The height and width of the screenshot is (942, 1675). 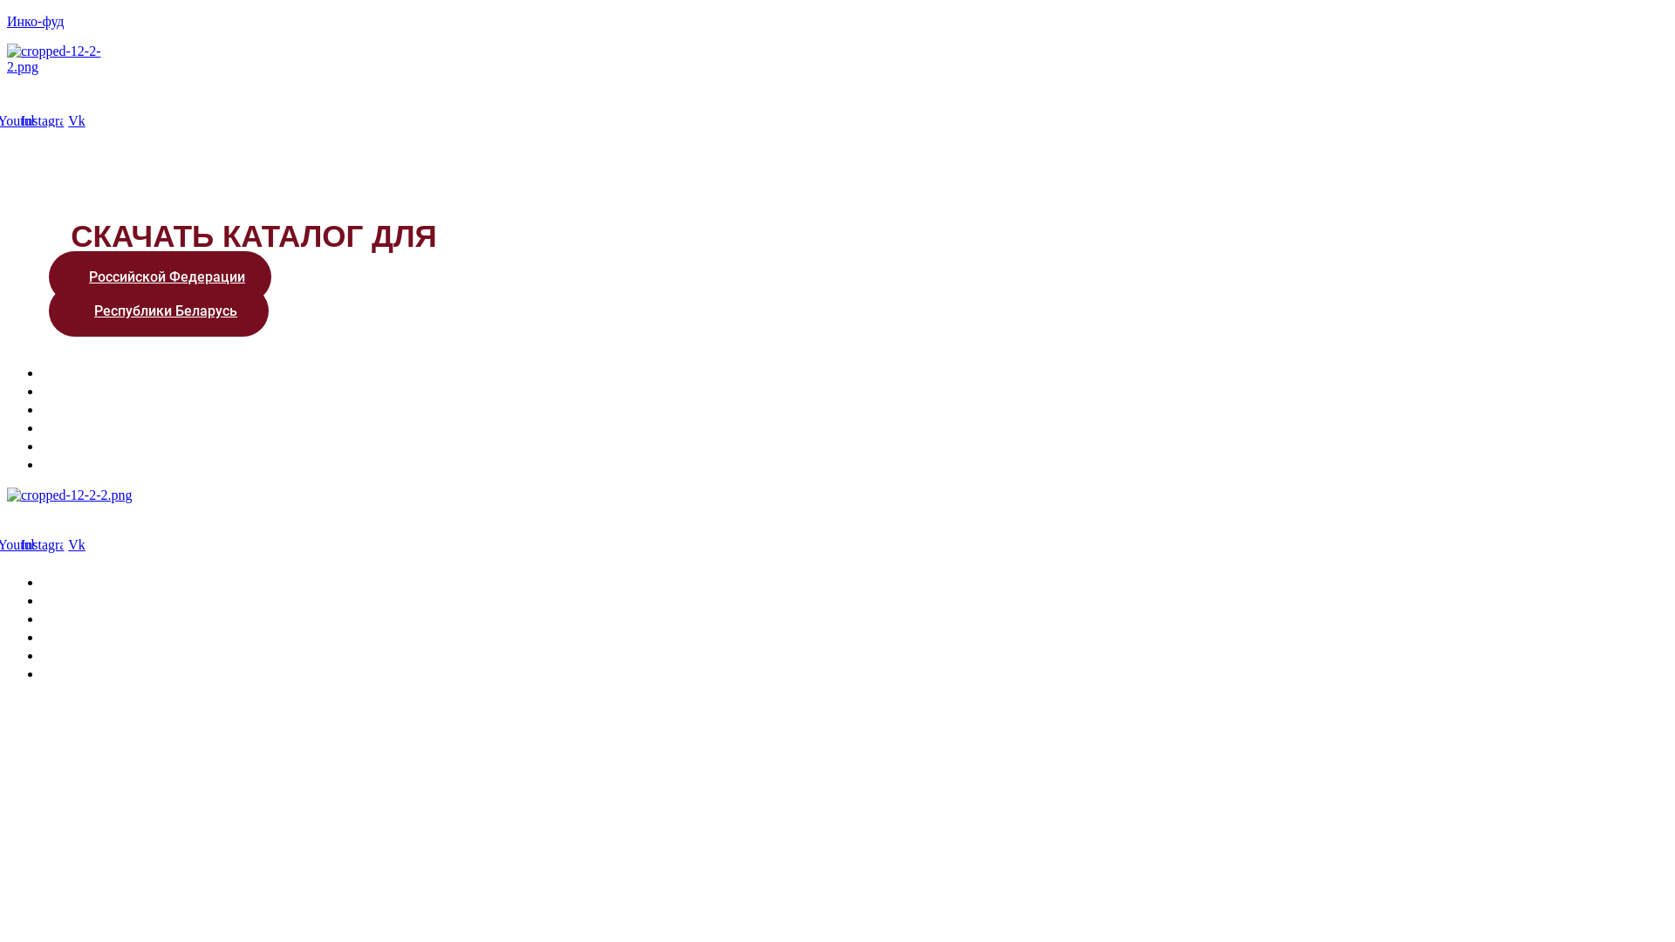 What do you see at coordinates (70, 495) in the screenshot?
I see `'cropped-12-2-2.png'` at bounding box center [70, 495].